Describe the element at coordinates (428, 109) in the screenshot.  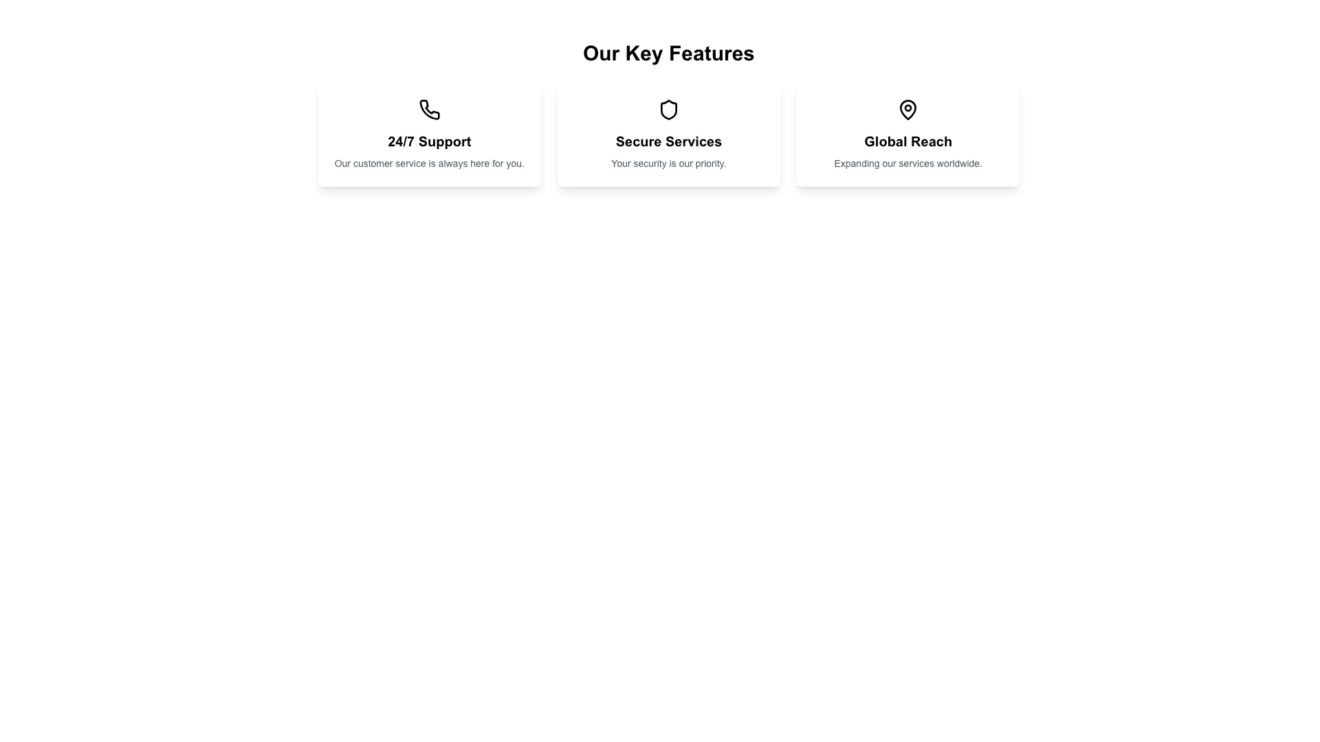
I see `the decorative icon representing the '24/7 Support' feature, located at the top-middle of the card labeled '24/7 Support'` at that location.